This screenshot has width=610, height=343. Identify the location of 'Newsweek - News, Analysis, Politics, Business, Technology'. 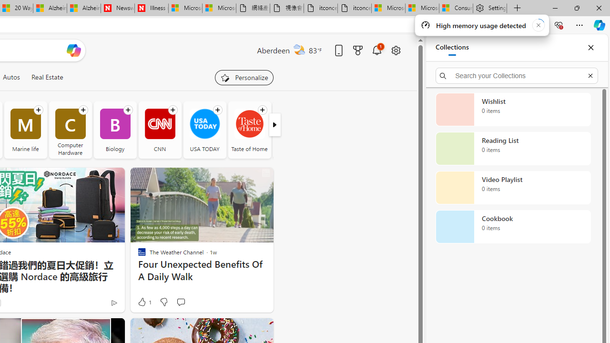
(117, 8).